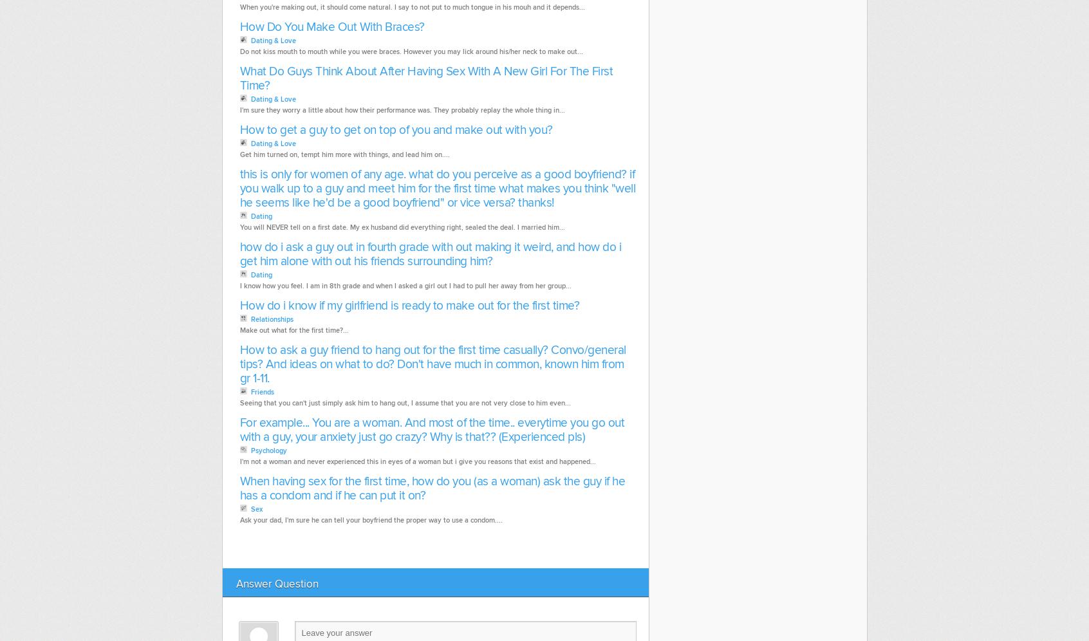 The width and height of the screenshot is (1089, 641). I want to click on 'I know how you feel. I am in 8th grade and when I asked a girl out I had to pull her away from her group...', so click(239, 285).